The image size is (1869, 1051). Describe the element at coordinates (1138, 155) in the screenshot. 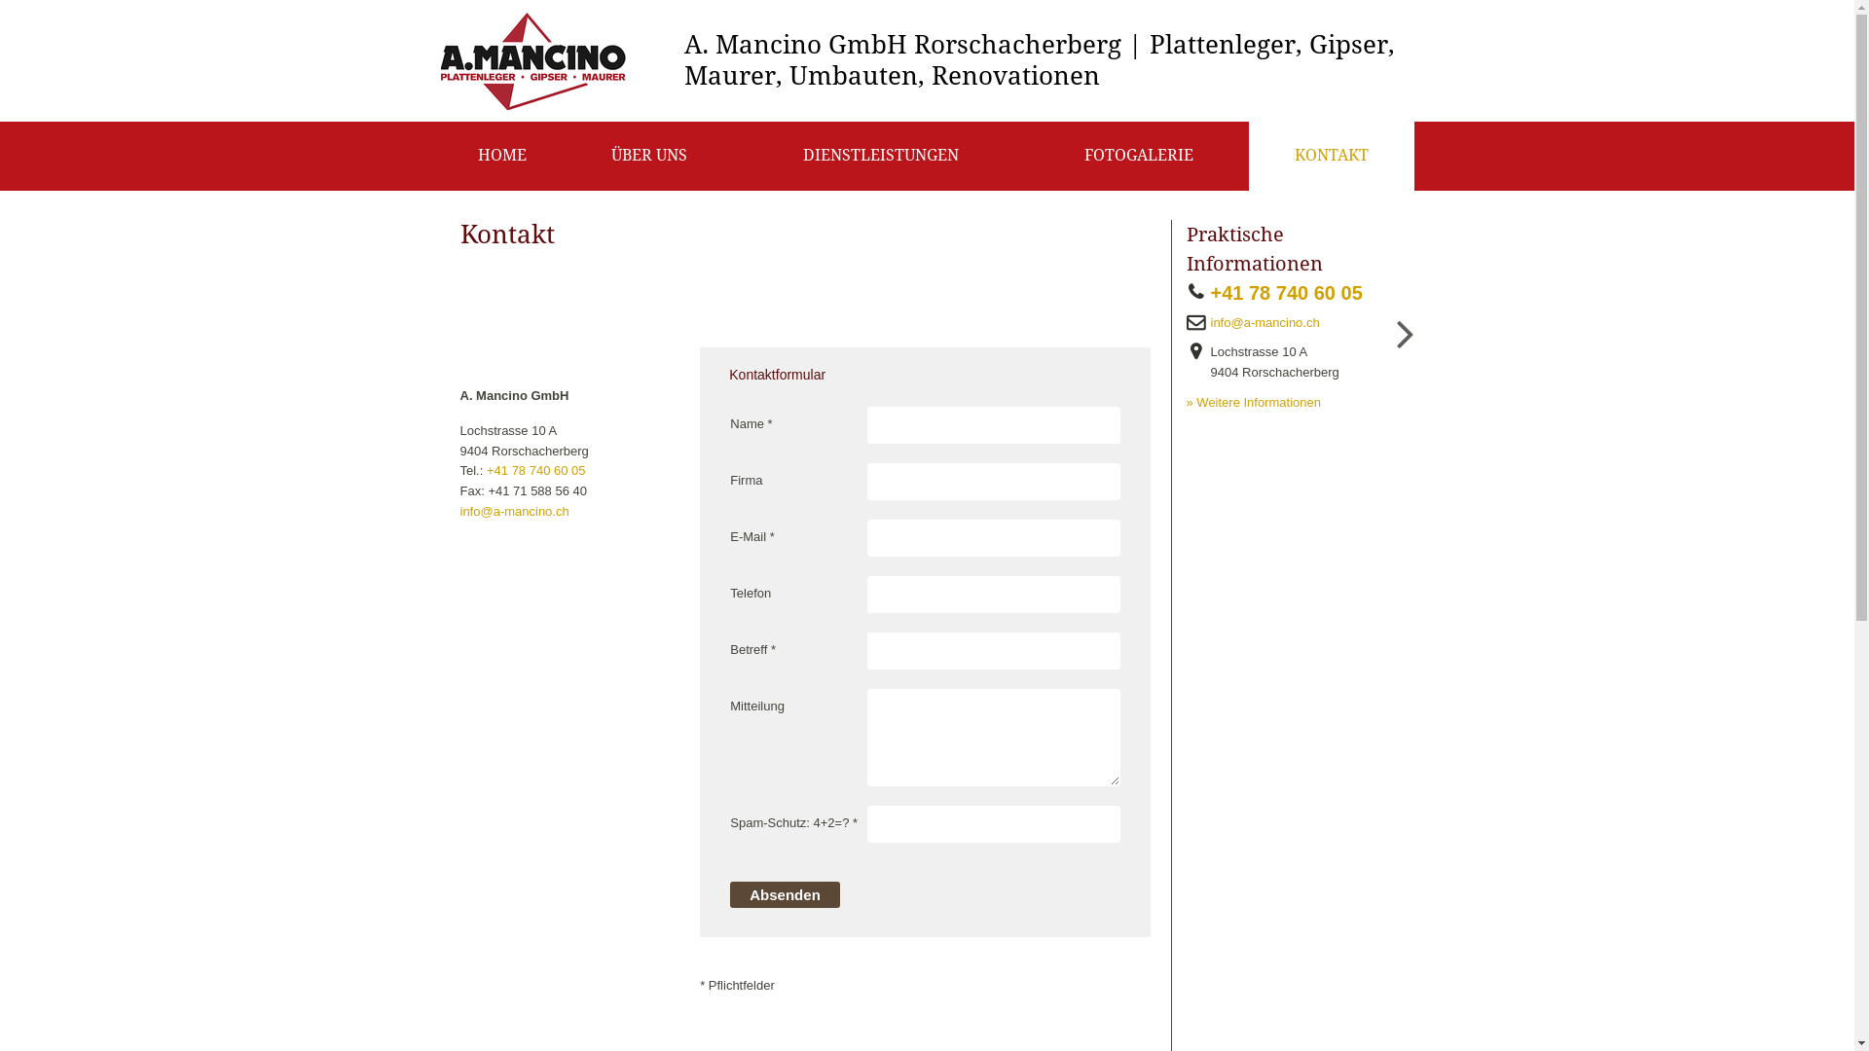

I see `'FOTOGALERIE'` at that location.